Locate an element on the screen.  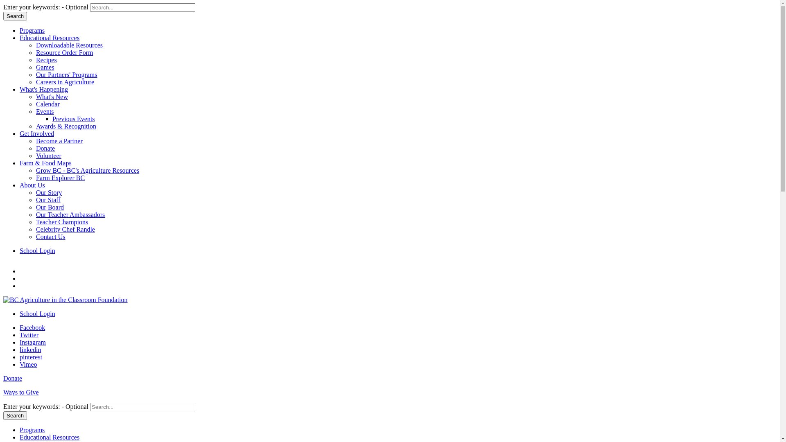
'Twitter' is located at coordinates (29, 335).